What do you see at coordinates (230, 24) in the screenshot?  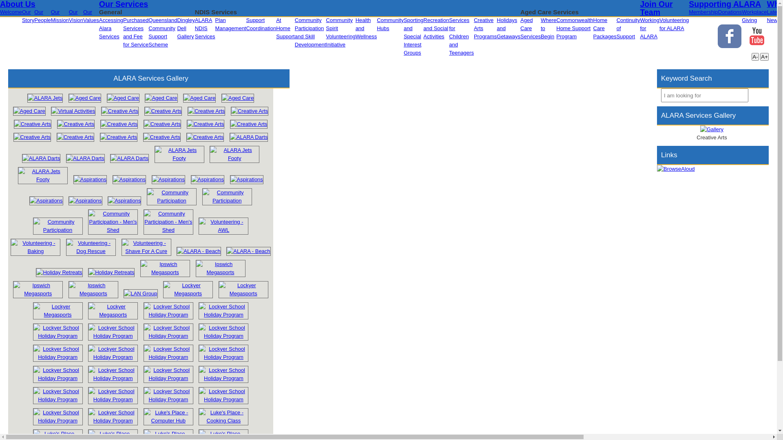 I see `'Plan Management'` at bounding box center [230, 24].